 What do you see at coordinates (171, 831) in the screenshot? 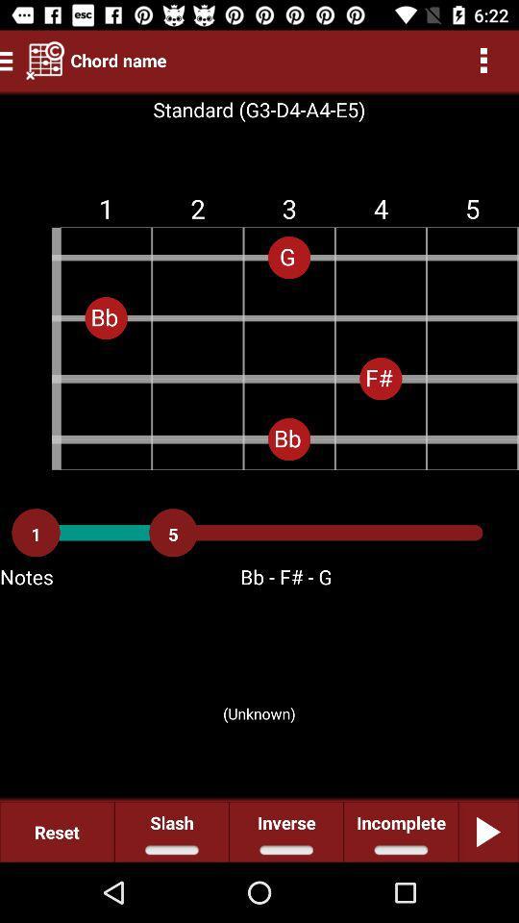
I see `the slash` at bounding box center [171, 831].